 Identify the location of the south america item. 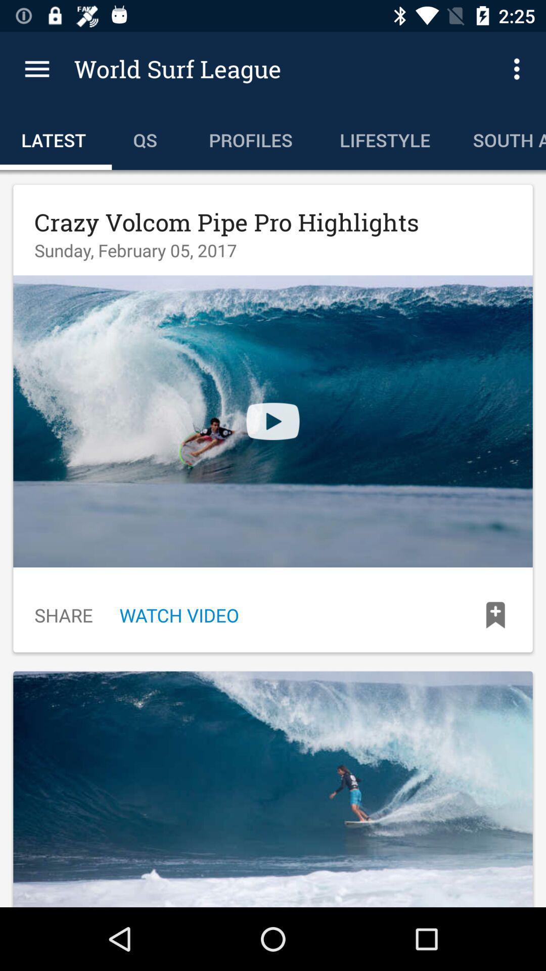
(498, 138).